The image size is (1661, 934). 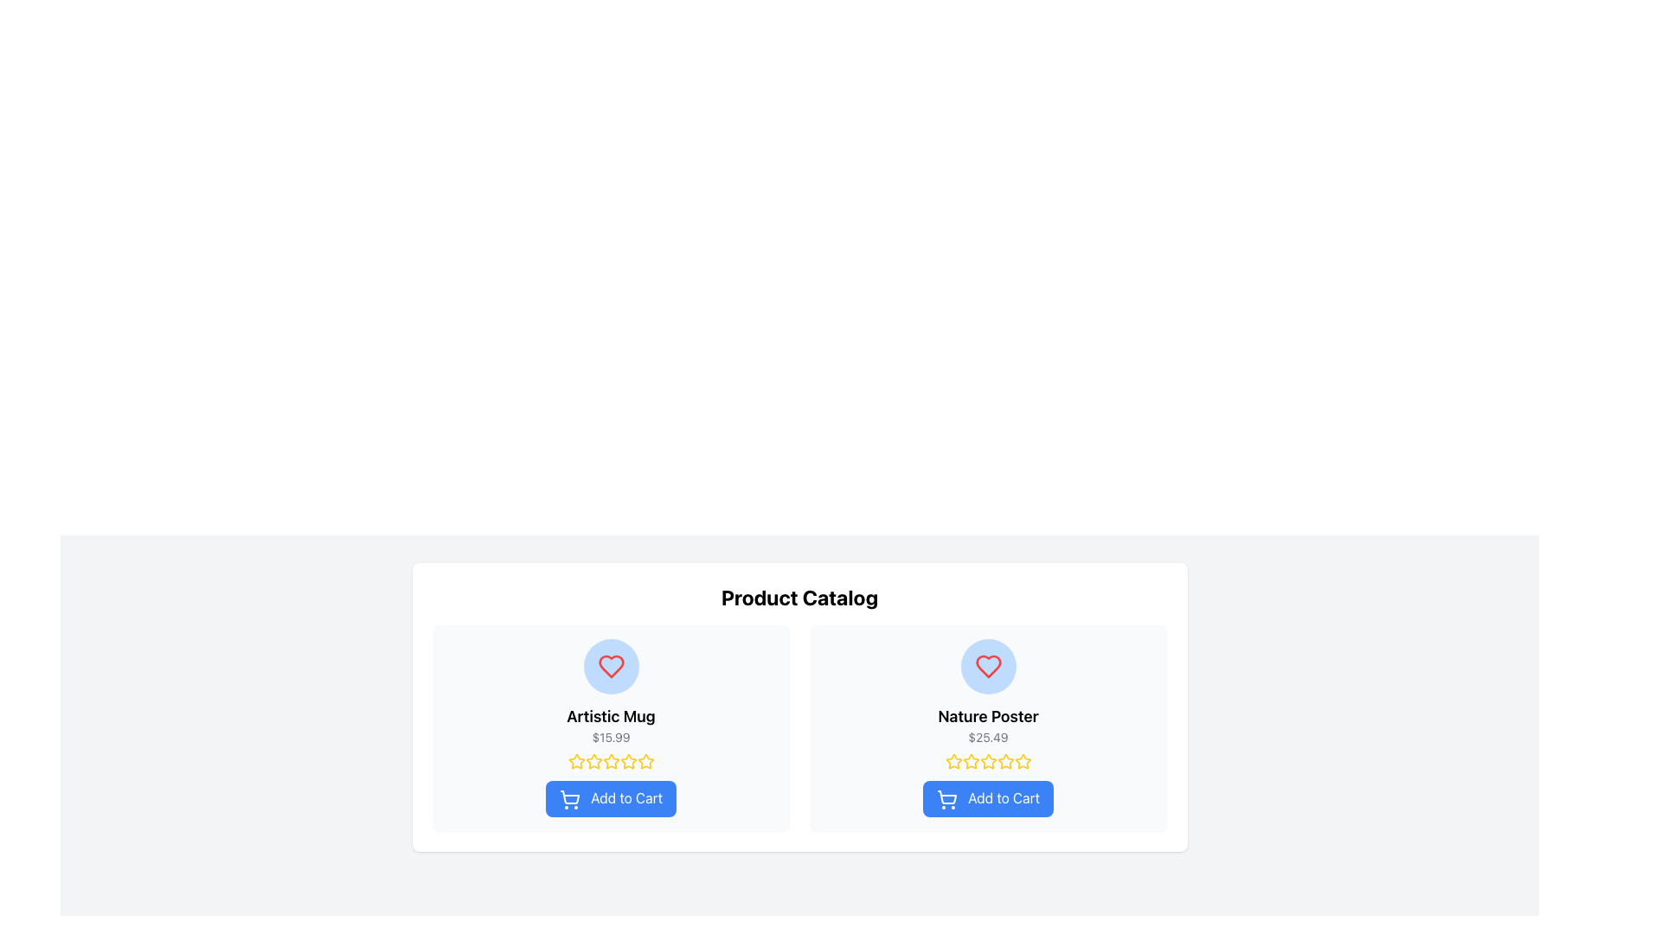 I want to click on text content of the 'Nature Poster' heading, which is a bold, large black font displayed prominently below a heart icon and above a price label in its product card, so click(x=988, y=717).